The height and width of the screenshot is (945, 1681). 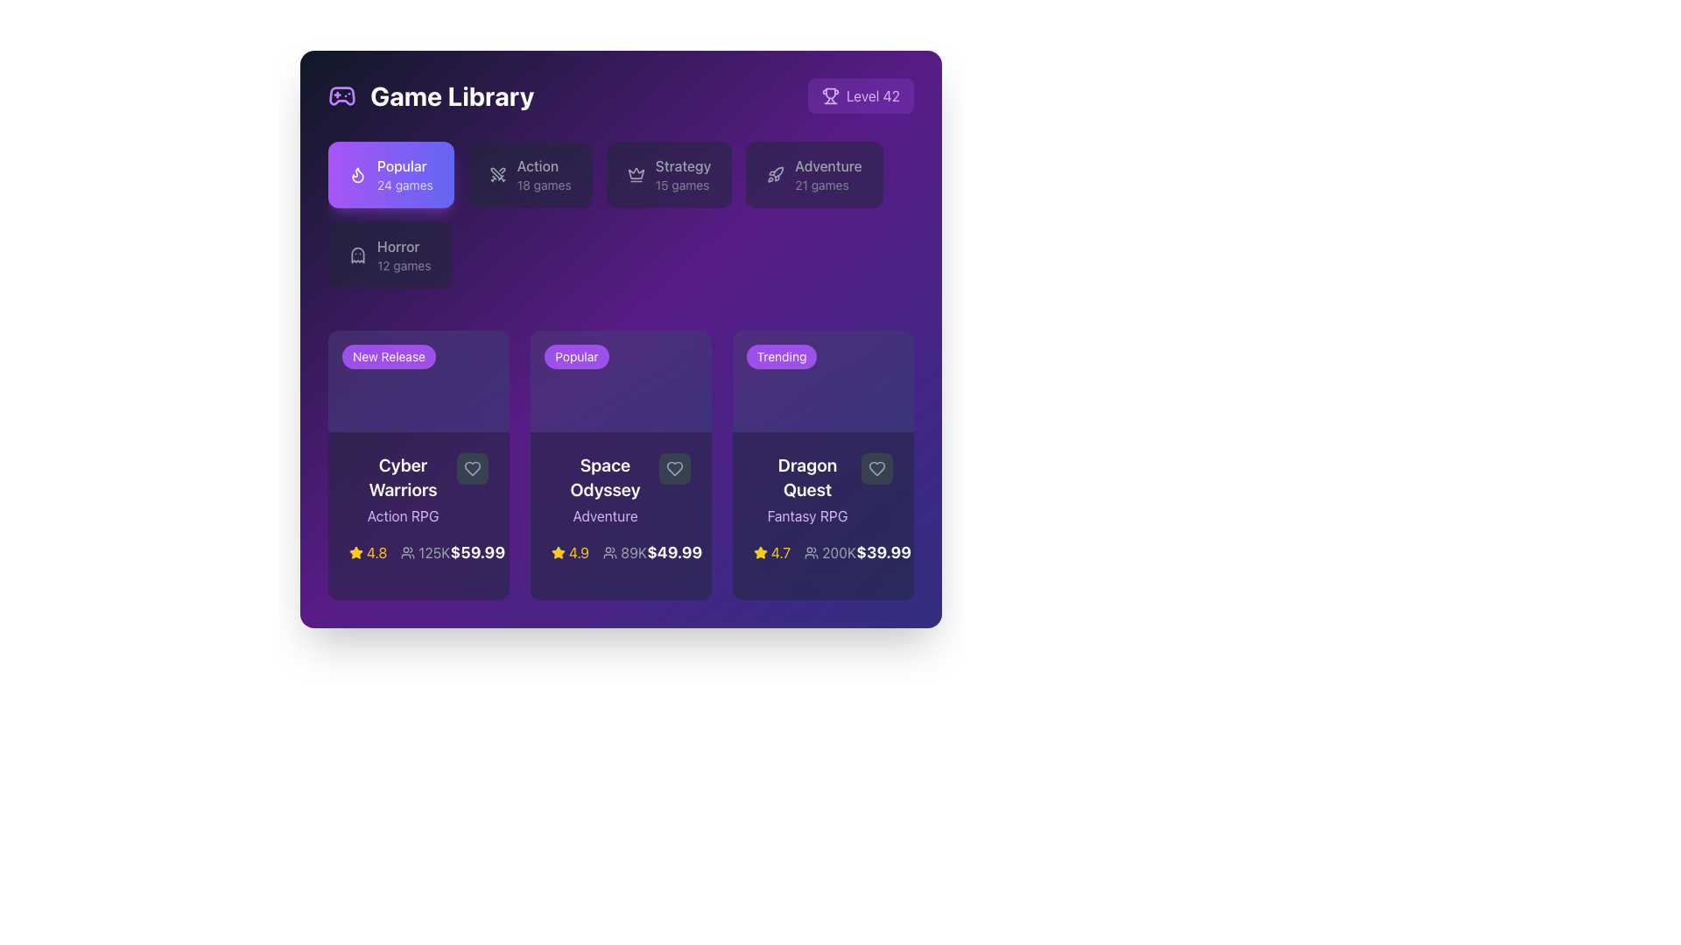 I want to click on the button labeled 'Adventure' that shows '21 games', so click(x=827, y=175).